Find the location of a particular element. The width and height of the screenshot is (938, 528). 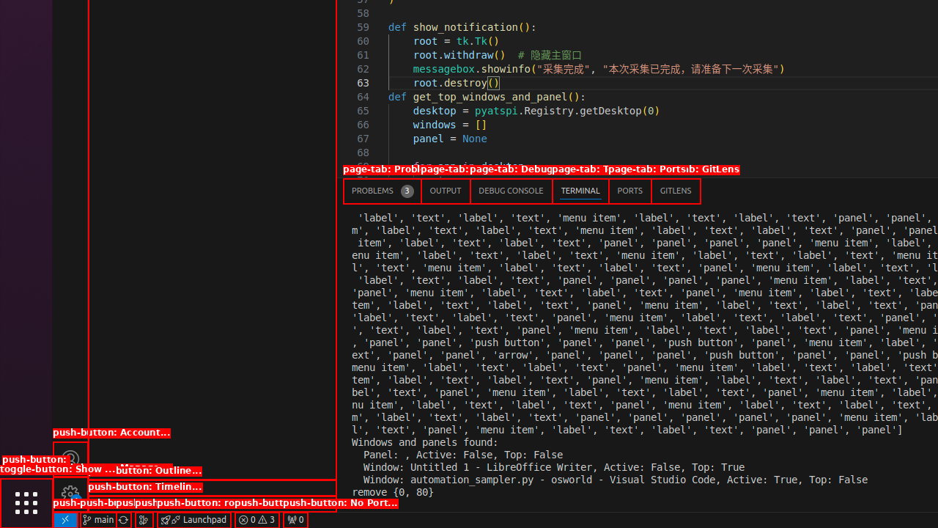

'Warnings: 3' is located at coordinates (256, 518).